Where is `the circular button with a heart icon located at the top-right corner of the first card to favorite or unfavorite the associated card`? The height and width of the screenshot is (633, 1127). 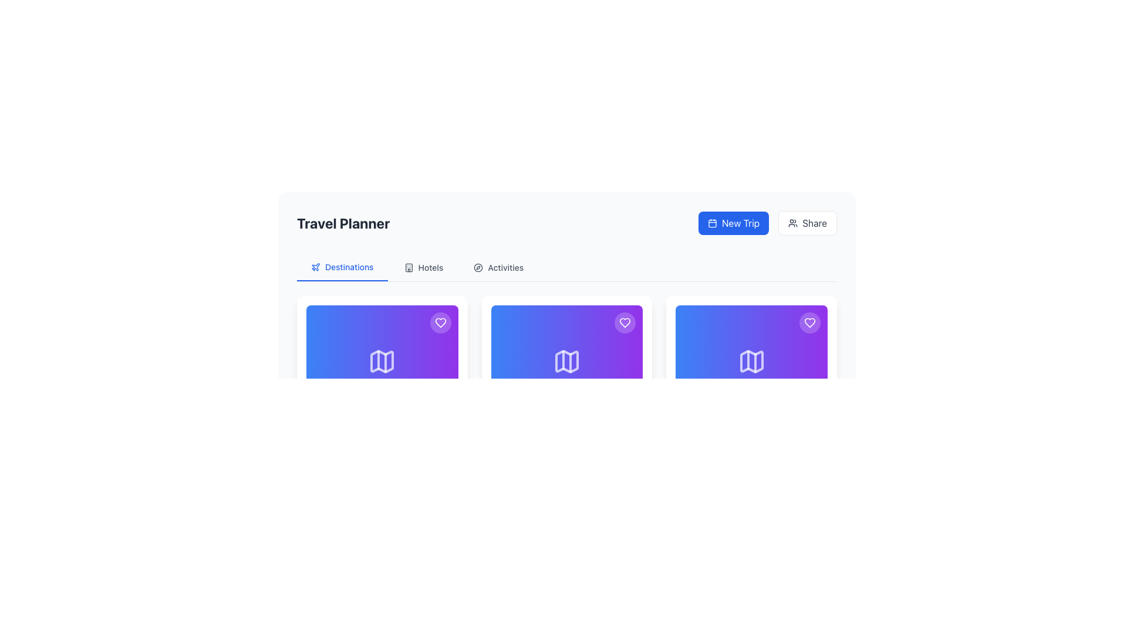
the circular button with a heart icon located at the top-right corner of the first card to favorite or unfavorite the associated card is located at coordinates (440, 323).